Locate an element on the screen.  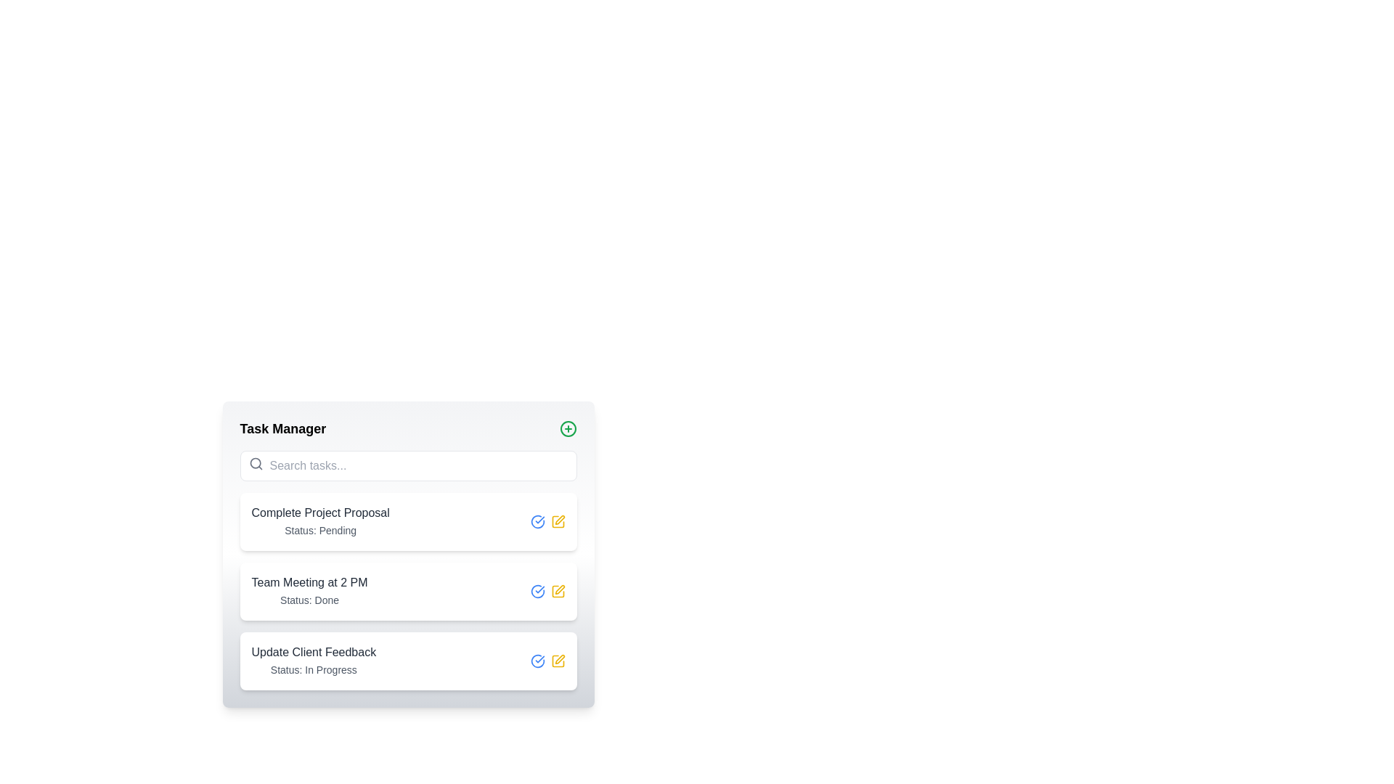
the Search icon located inside the input field at the top of the main content area, next to the text placeholder 'Search tasks...' is located at coordinates (256, 464).